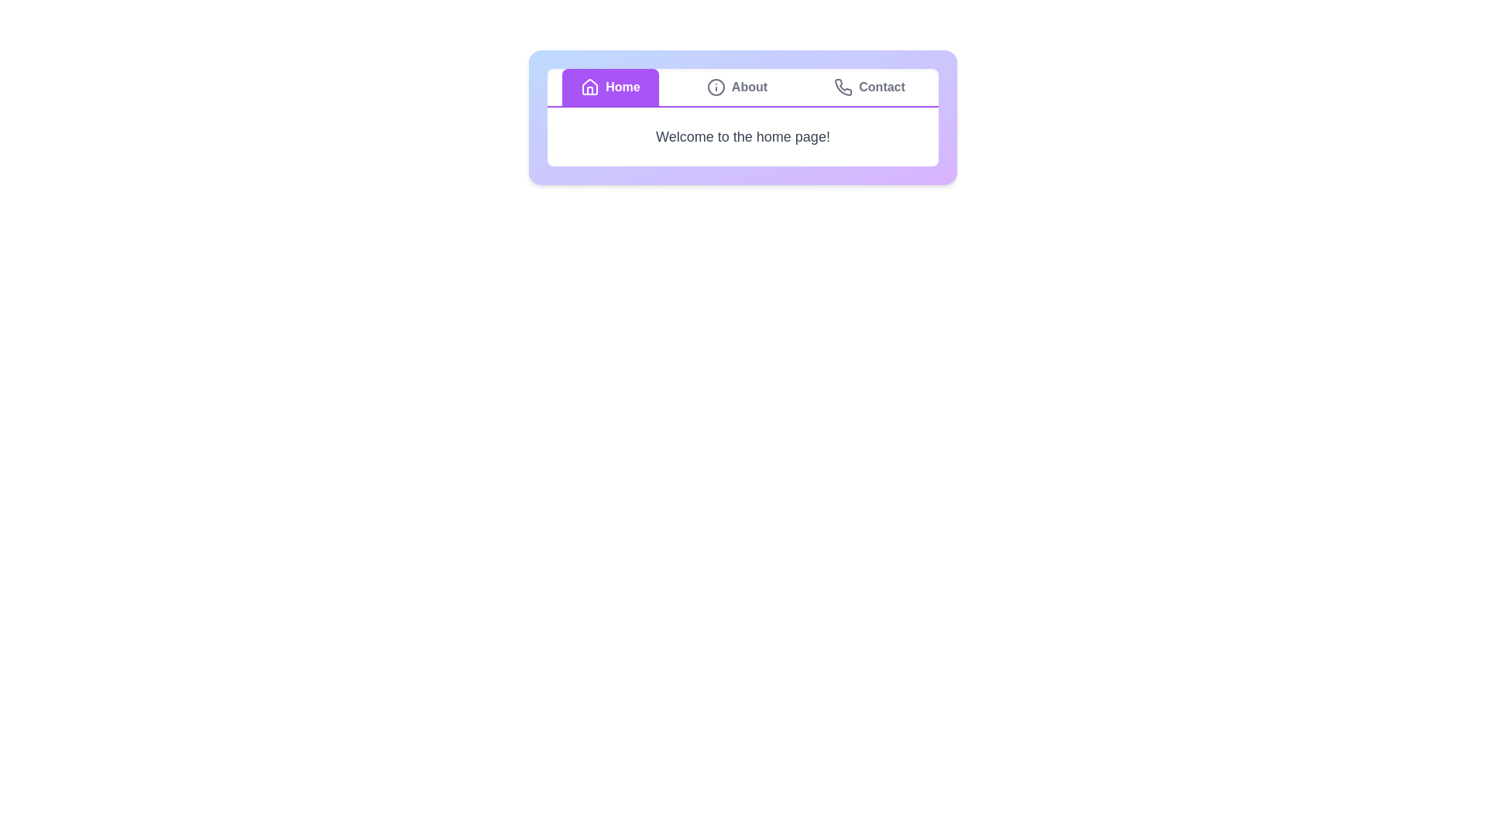 This screenshot has width=1487, height=836. I want to click on the About tab by clicking on it, so click(736, 87).